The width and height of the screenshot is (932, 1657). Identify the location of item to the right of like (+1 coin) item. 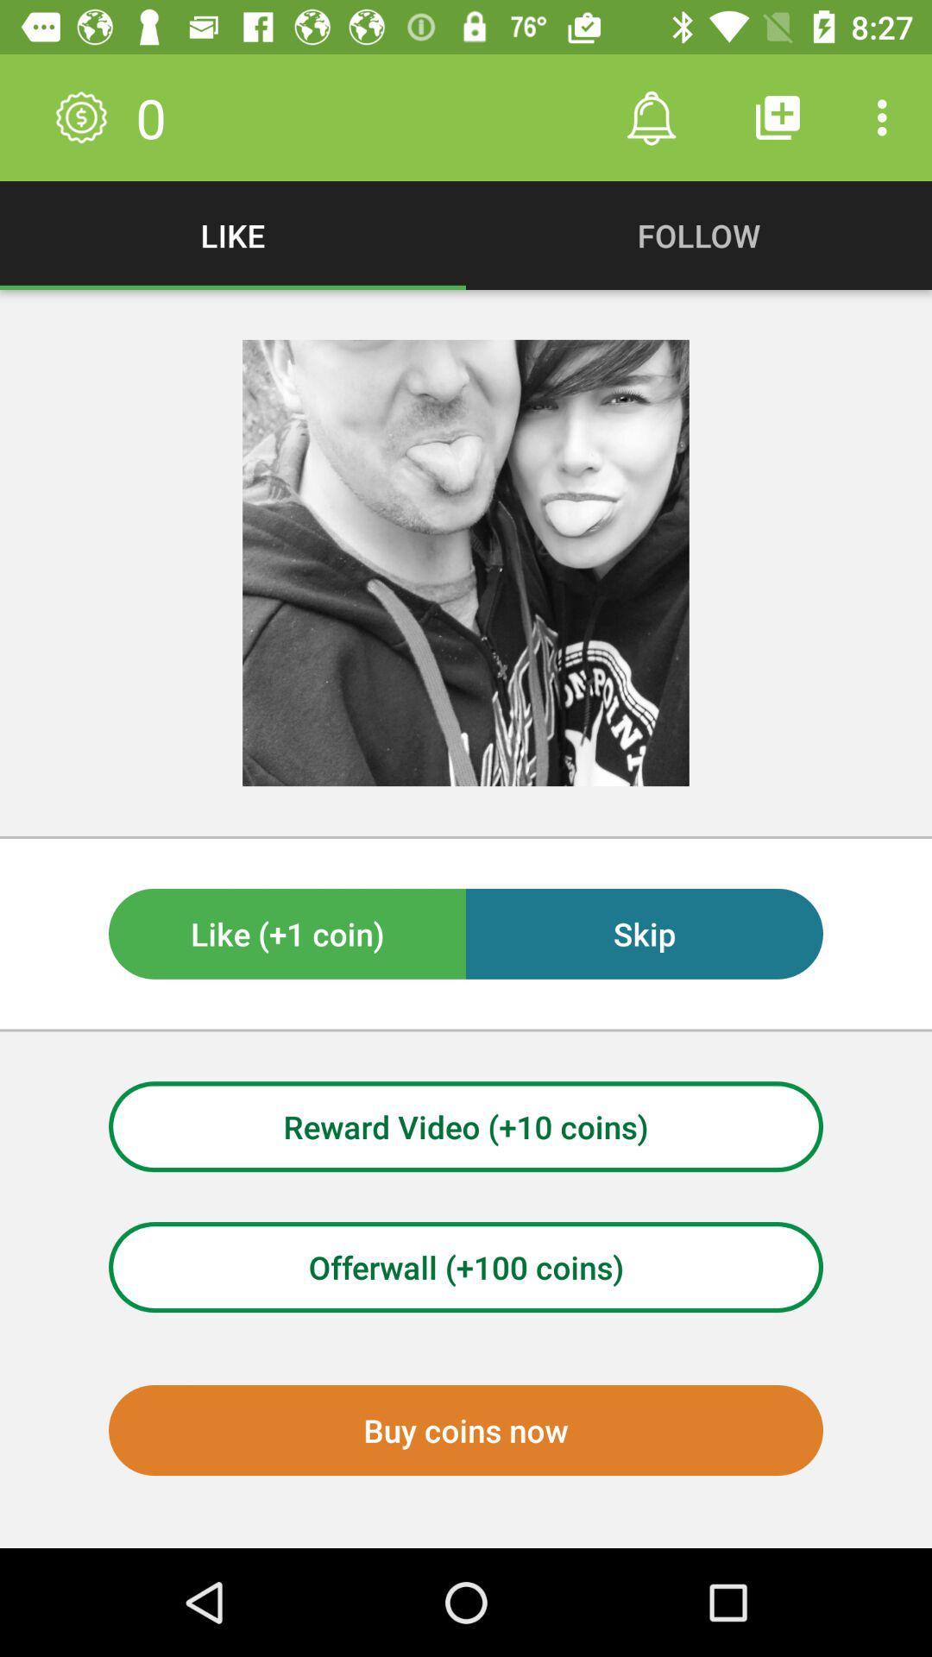
(645, 933).